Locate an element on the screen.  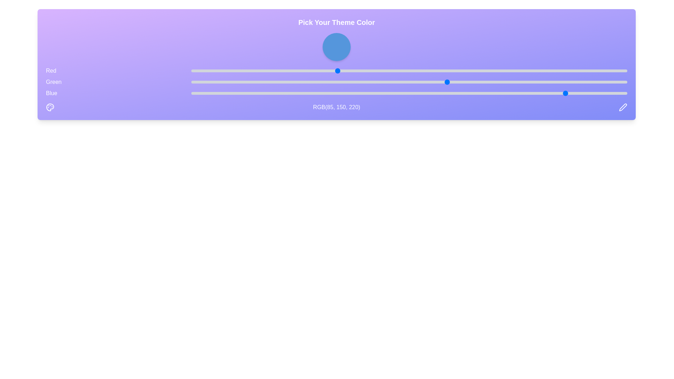
the green color intensity is located at coordinates (256, 82).